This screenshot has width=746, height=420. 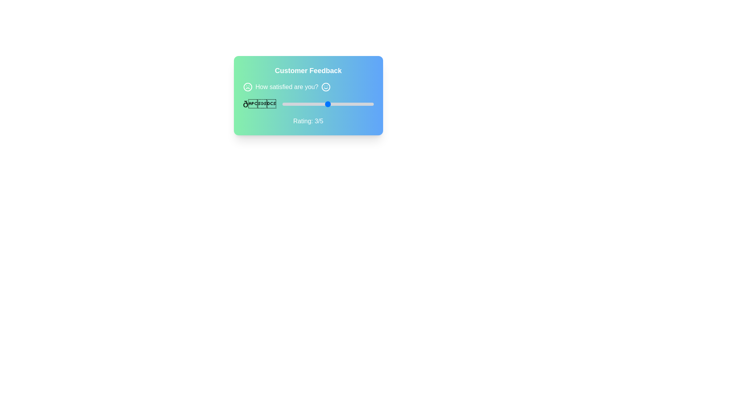 I want to click on the circular graphic component at the center of the smiley face icon, which is located to the left of the text 'How satisfied are you?', so click(x=326, y=87).